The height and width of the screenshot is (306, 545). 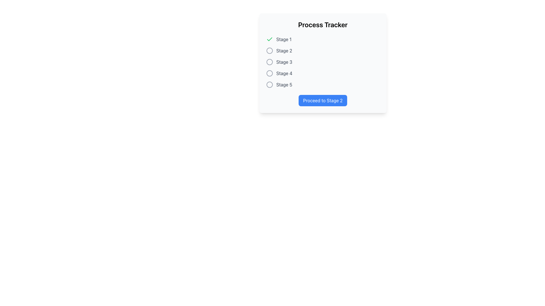 What do you see at coordinates (323, 73) in the screenshot?
I see `the fourth item in the 'Process Tracker' list, which serves as an indicator for the fourth stage in the process tracker` at bounding box center [323, 73].